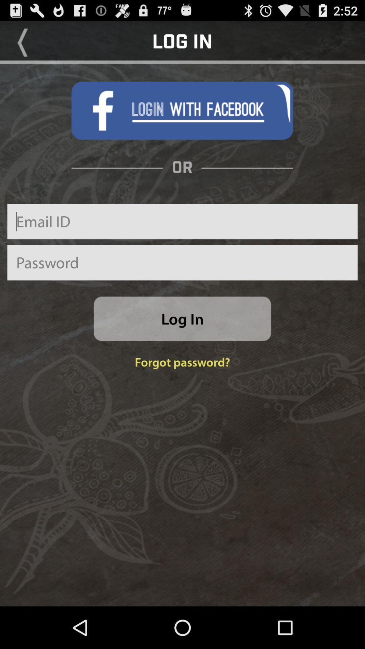  Describe the element at coordinates (182, 262) in the screenshot. I see `textbox to enter password` at that location.